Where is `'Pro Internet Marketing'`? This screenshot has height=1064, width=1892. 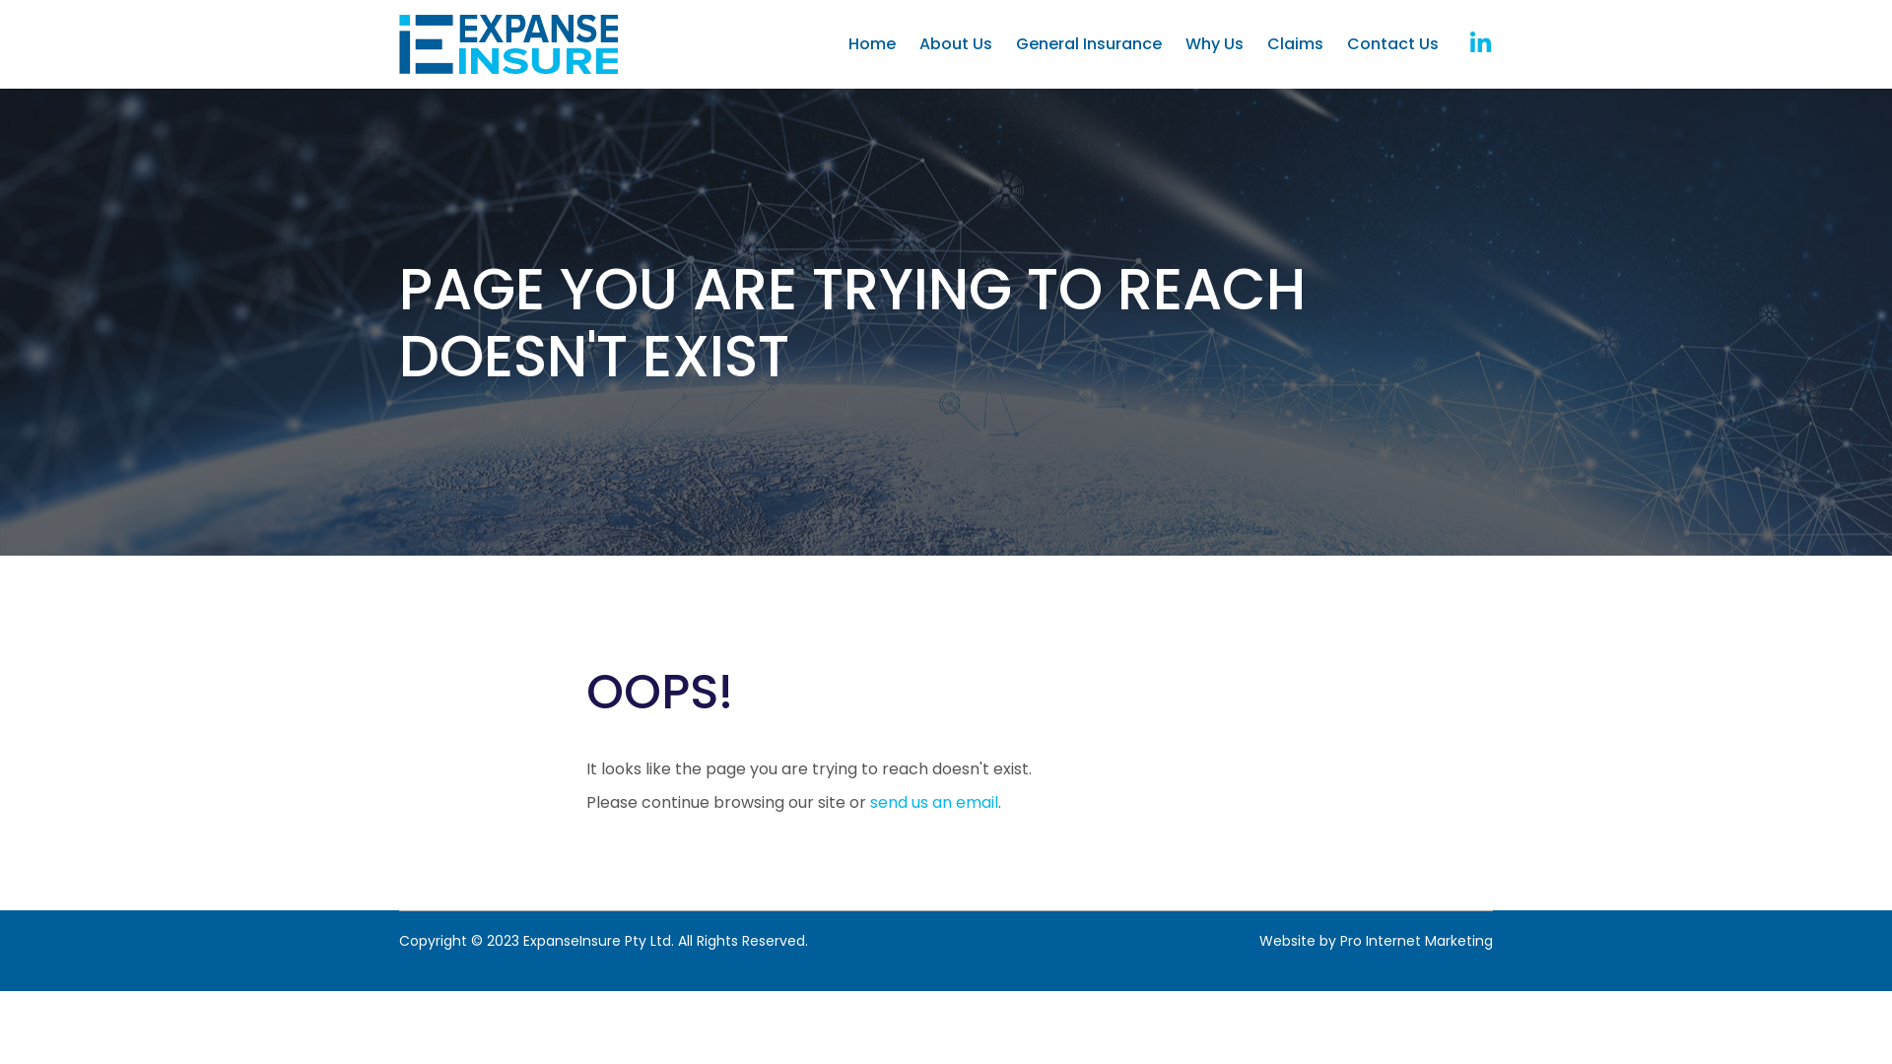 'Pro Internet Marketing' is located at coordinates (1415, 940).